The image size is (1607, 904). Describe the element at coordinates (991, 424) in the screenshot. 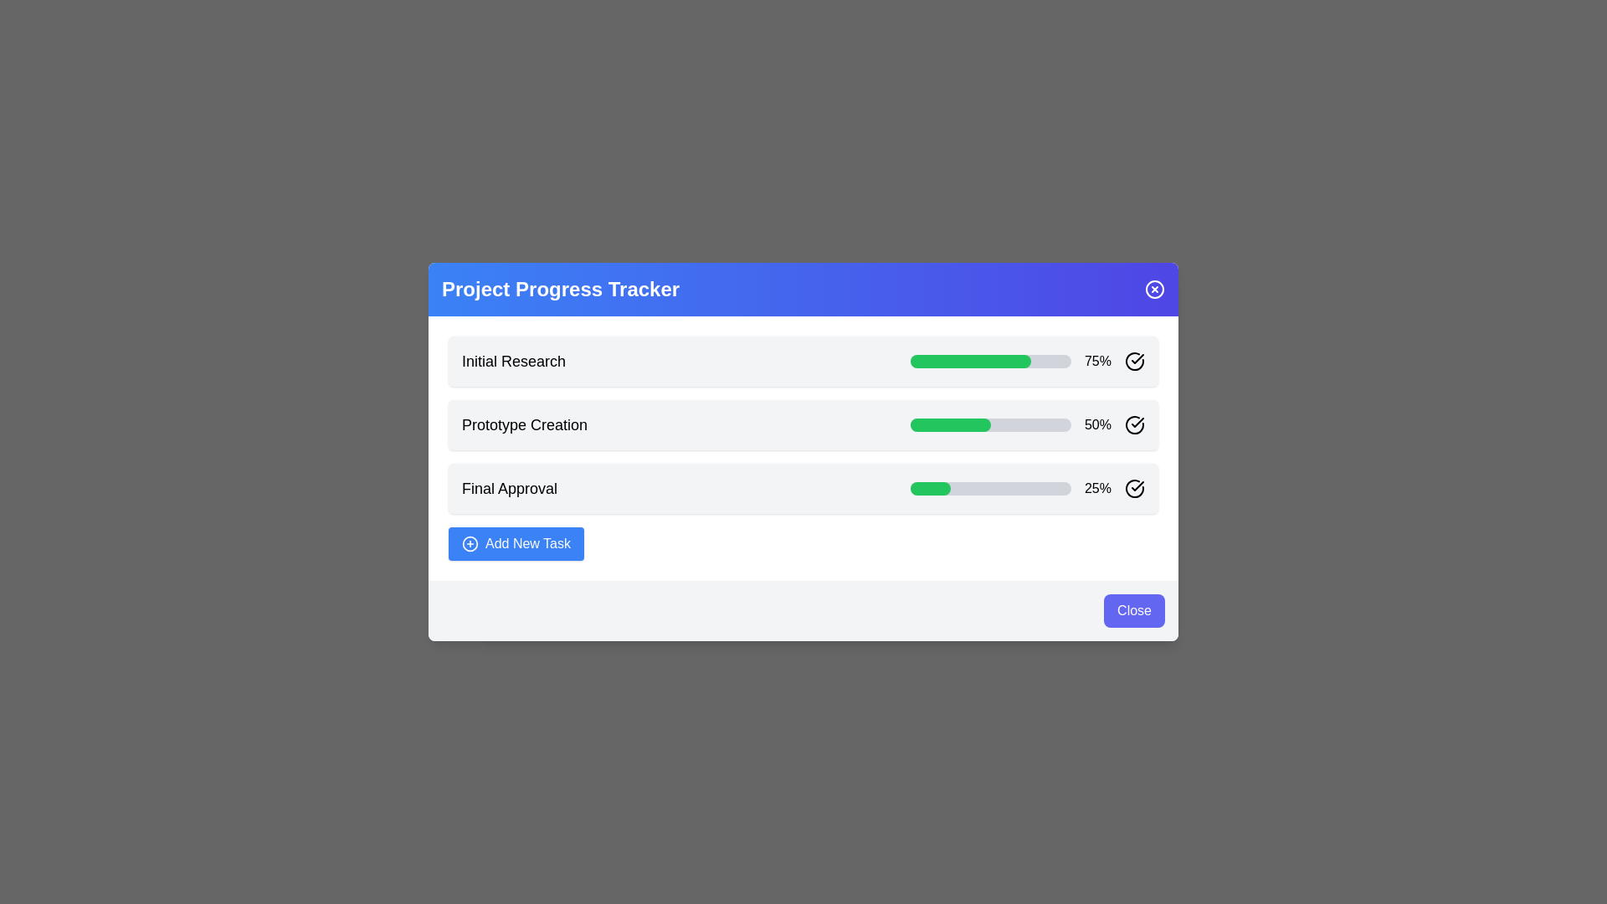

I see `the progress bar located in the 'Prototype Creation' section, which has a light gray background and a filled green segment representing 50% completion` at that location.